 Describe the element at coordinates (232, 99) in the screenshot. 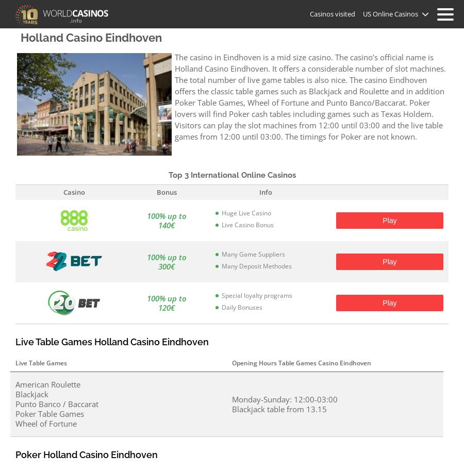

I see `'Online Slots'` at that location.